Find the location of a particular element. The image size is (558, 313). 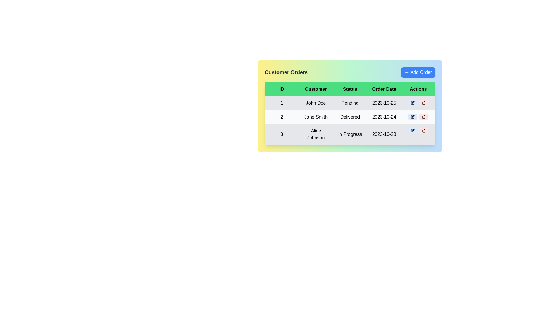

the table header row with a green background and black text that contains the column titles: 'ID', 'Customer', 'Status', 'Order Date', and 'Actions' is located at coordinates (350, 89).